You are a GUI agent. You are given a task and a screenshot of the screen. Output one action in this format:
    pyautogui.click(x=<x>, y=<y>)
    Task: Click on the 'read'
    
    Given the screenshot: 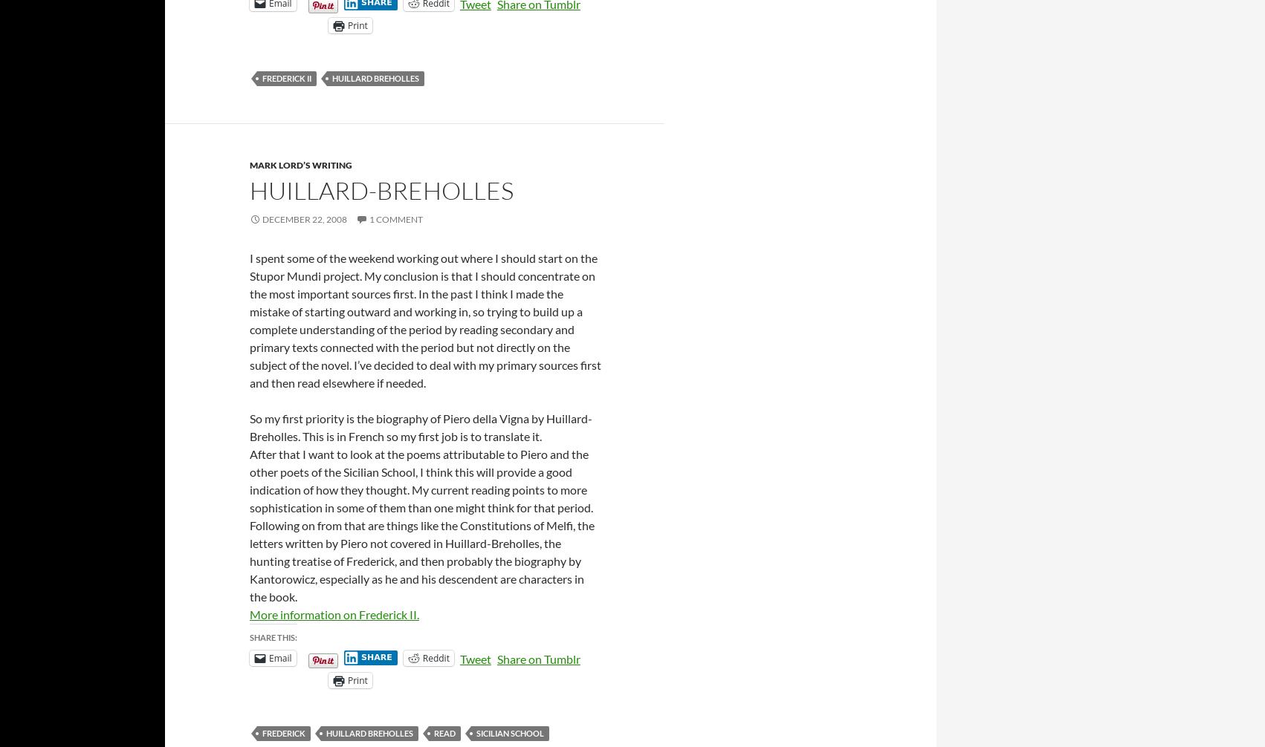 What is the action you would take?
    pyautogui.click(x=444, y=731)
    